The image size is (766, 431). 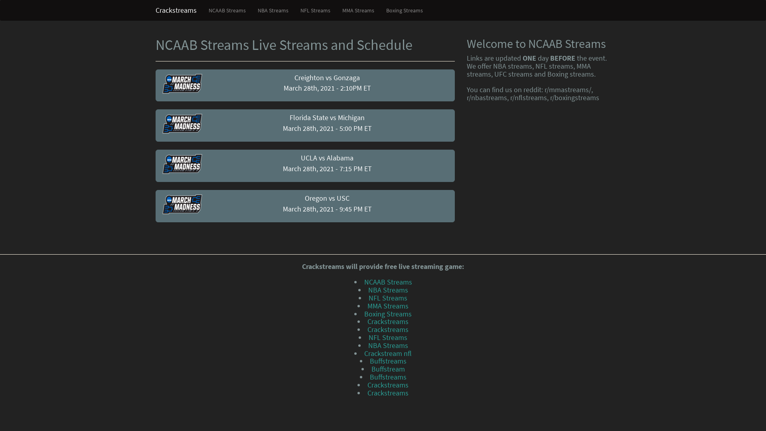 I want to click on 'Crackstreams', so click(x=367, y=384).